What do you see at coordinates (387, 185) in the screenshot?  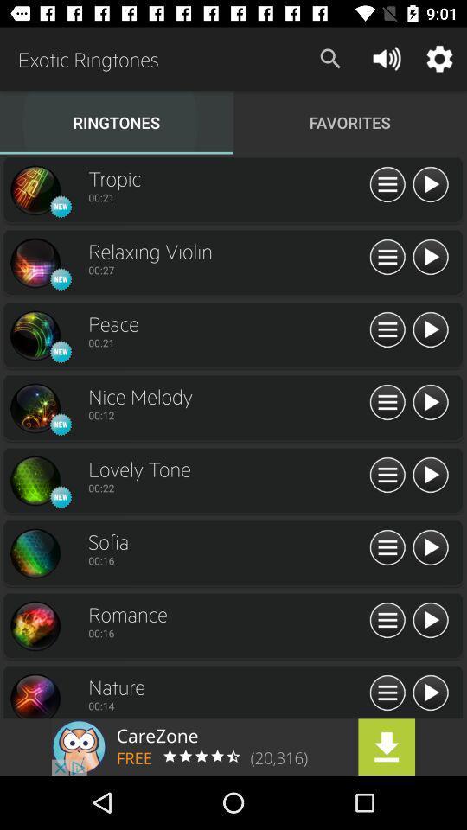 I see `tropic options` at bounding box center [387, 185].